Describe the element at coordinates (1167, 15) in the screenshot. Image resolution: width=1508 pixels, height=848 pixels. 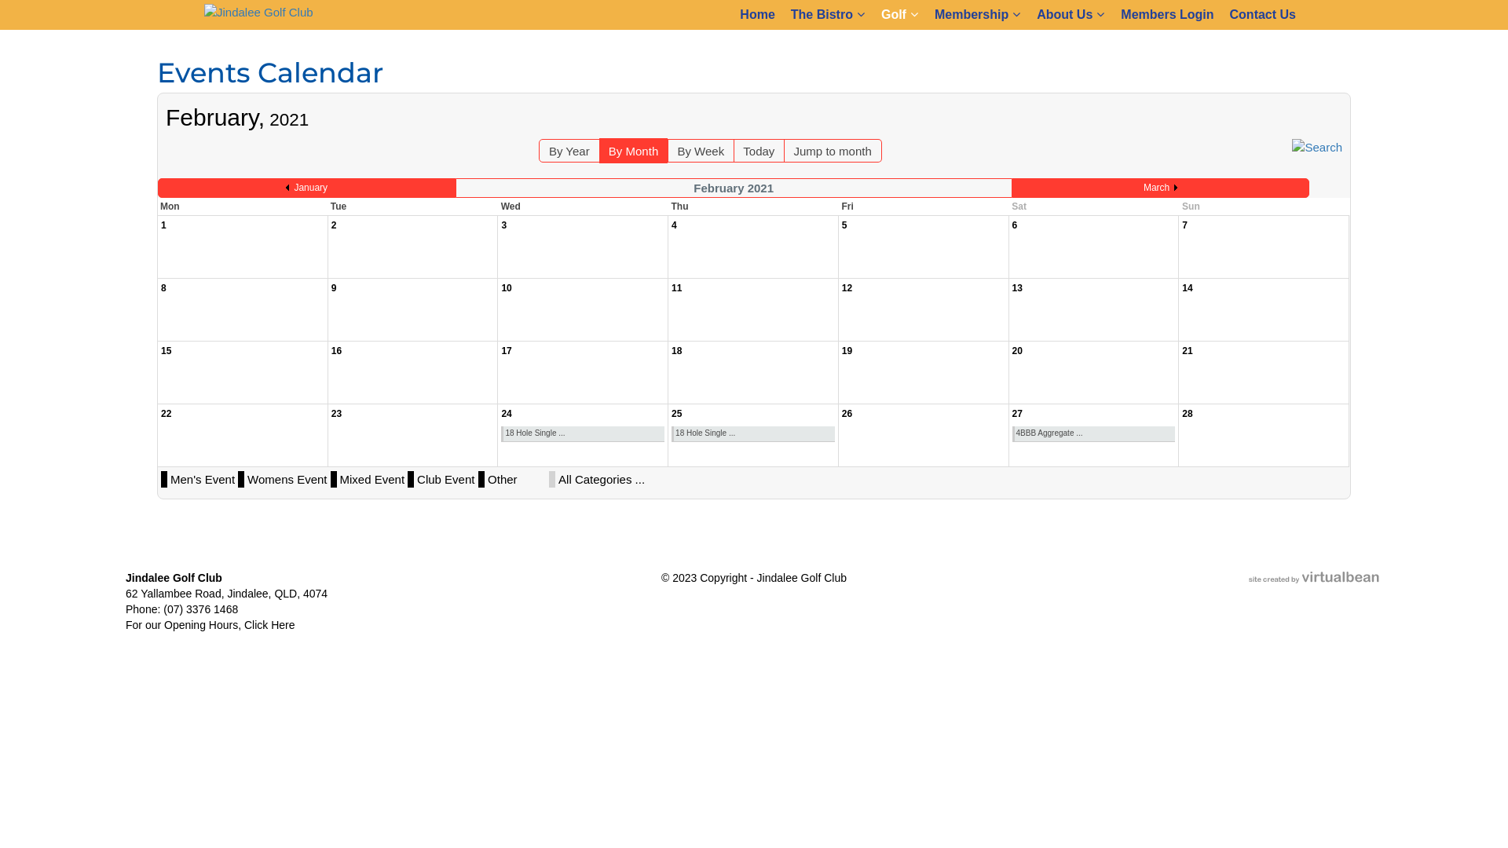
I see `'Members Login'` at that location.